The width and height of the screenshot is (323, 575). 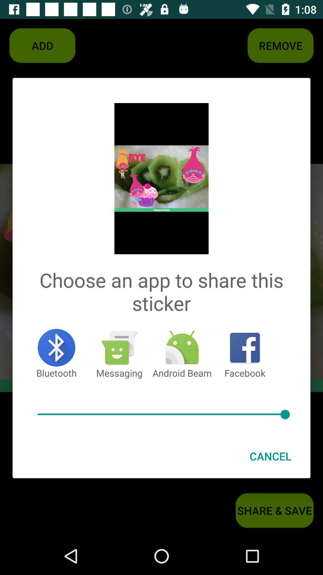 What do you see at coordinates (270, 456) in the screenshot?
I see `the cancel` at bounding box center [270, 456].